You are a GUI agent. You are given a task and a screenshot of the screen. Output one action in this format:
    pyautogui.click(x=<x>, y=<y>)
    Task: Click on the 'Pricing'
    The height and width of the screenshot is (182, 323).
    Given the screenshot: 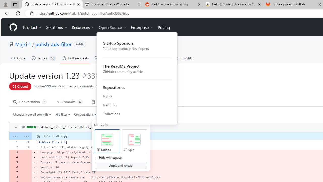 What is the action you would take?
    pyautogui.click(x=164, y=27)
    